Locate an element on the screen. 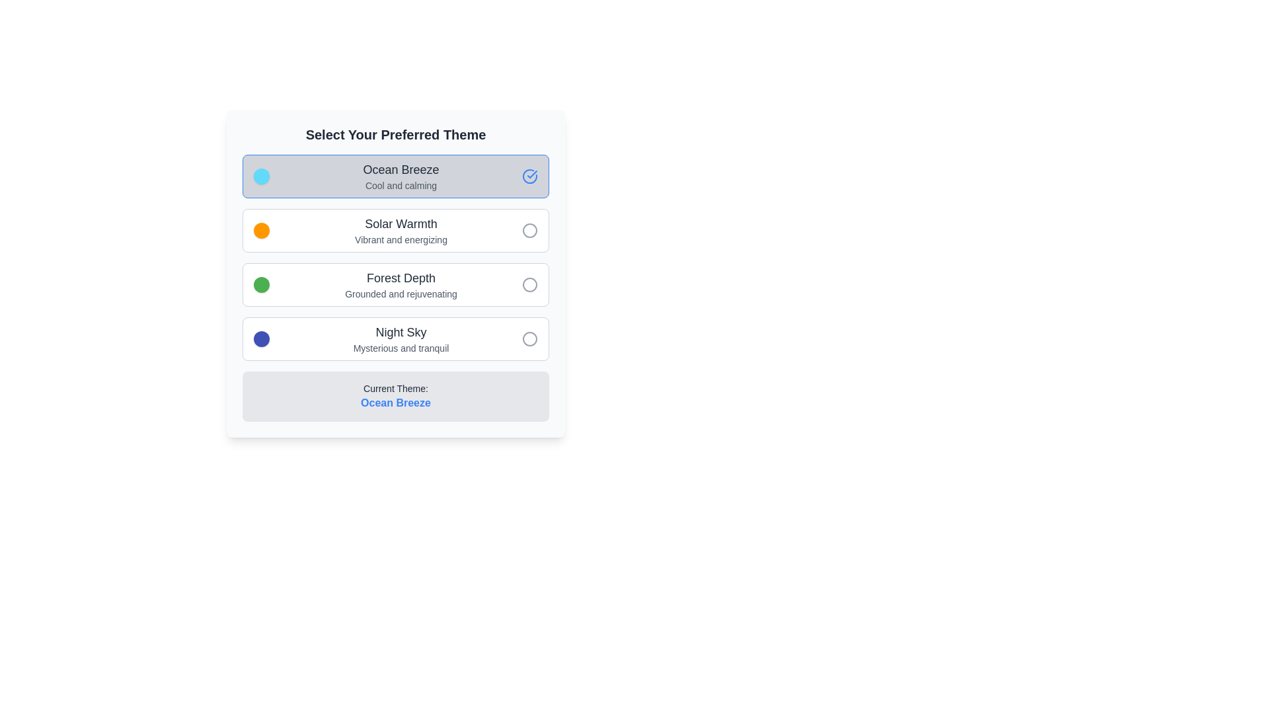  the informational text at the top center of the theme selection interface, which serves as a header for the theme options is located at coordinates (395, 135).